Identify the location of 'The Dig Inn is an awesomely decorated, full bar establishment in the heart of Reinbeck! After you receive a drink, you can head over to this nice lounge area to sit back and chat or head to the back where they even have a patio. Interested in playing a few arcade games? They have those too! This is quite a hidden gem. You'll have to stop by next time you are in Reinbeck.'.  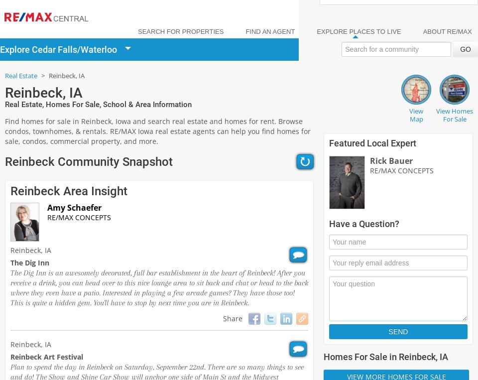
(159, 287).